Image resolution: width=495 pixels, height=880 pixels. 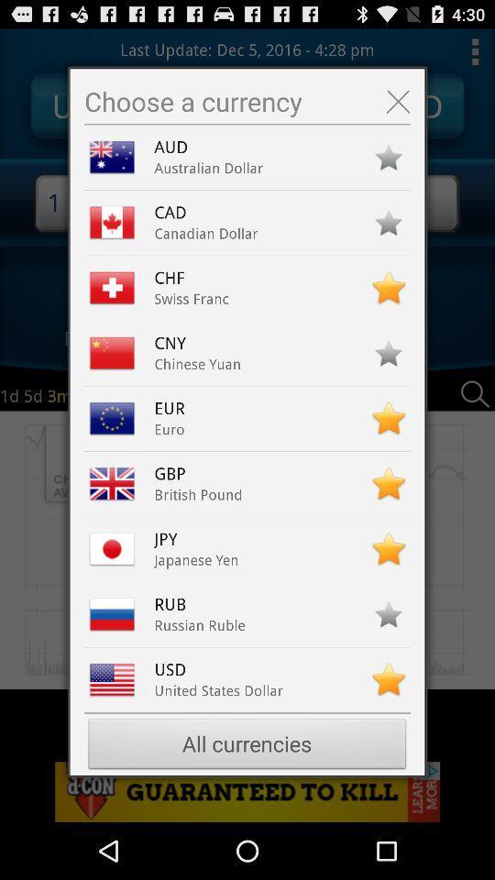 What do you see at coordinates (195, 559) in the screenshot?
I see `the item above rub item` at bounding box center [195, 559].